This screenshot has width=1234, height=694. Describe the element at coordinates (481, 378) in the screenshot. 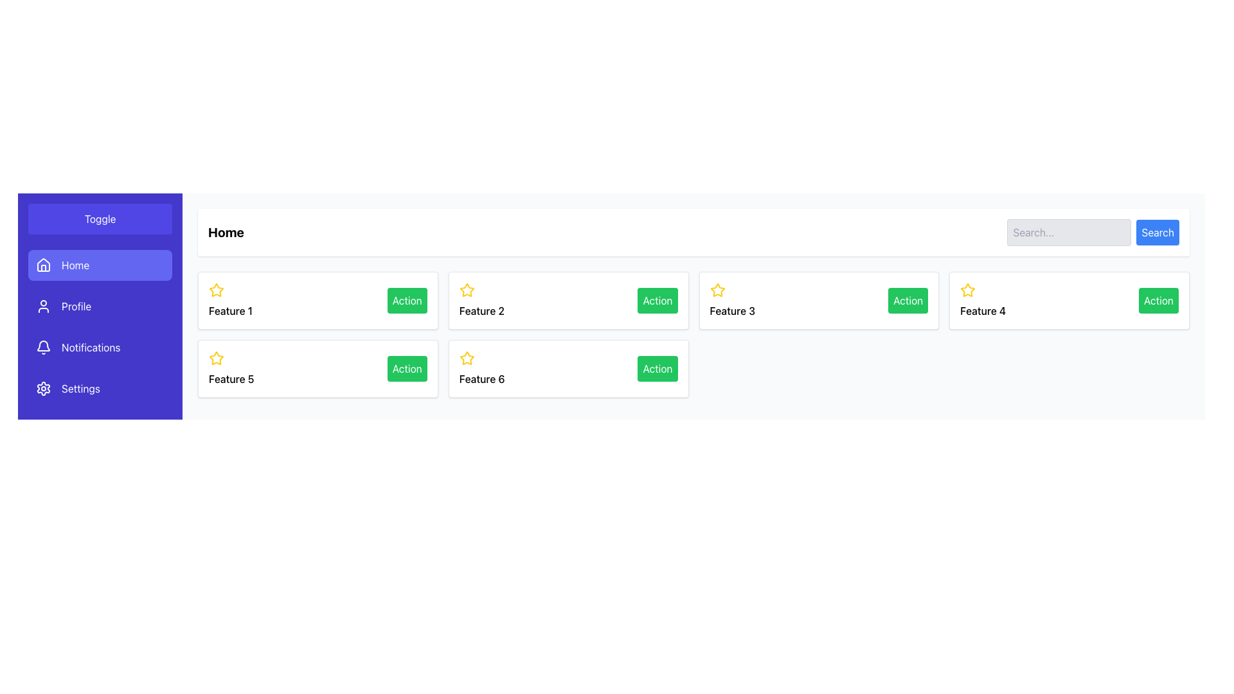

I see `the descriptive label element located in the bottom row of the grid layout, which is horizontally aligned with the star icon and the 'Action' button` at that location.